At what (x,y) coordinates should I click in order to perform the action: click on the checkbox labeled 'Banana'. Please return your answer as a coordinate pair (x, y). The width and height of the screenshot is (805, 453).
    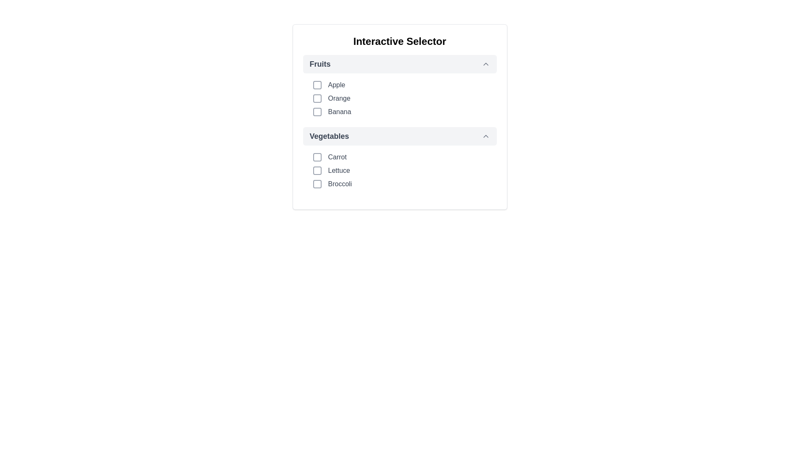
    Looking at the image, I should click on (405, 111).